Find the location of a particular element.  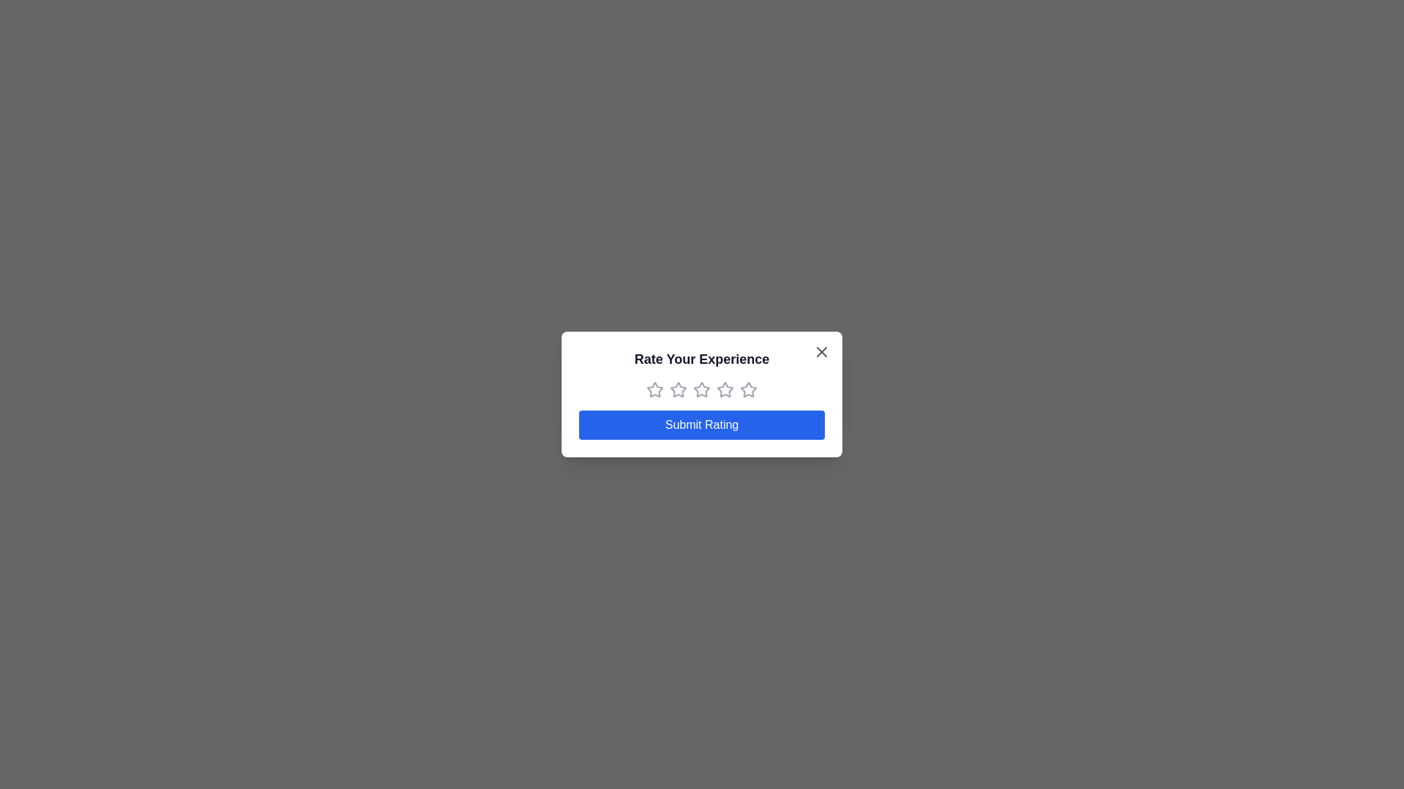

the 'Submit Rating' button to submit the rating is located at coordinates (702, 425).